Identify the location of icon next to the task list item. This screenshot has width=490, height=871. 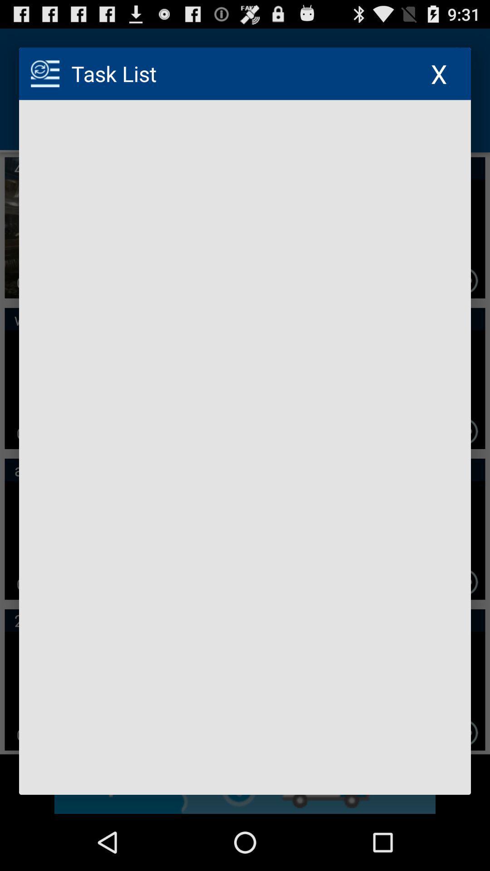
(438, 73).